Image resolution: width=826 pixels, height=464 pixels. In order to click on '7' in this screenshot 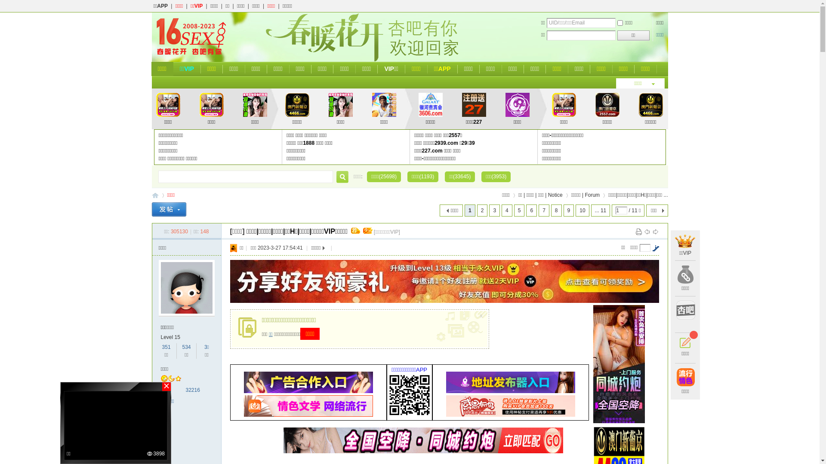, I will do `click(543, 210)`.